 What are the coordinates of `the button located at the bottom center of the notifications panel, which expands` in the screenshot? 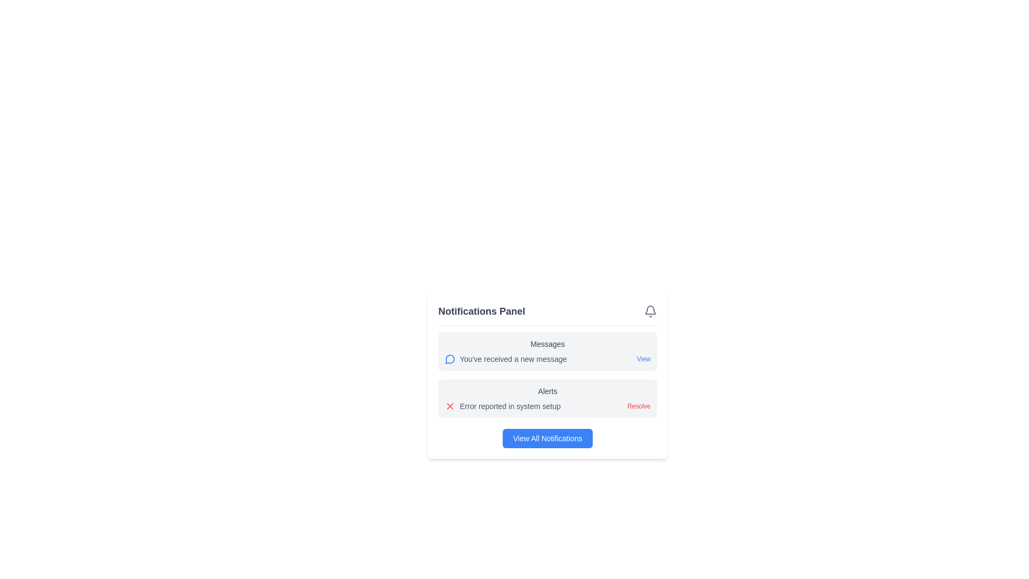 It's located at (548, 438).